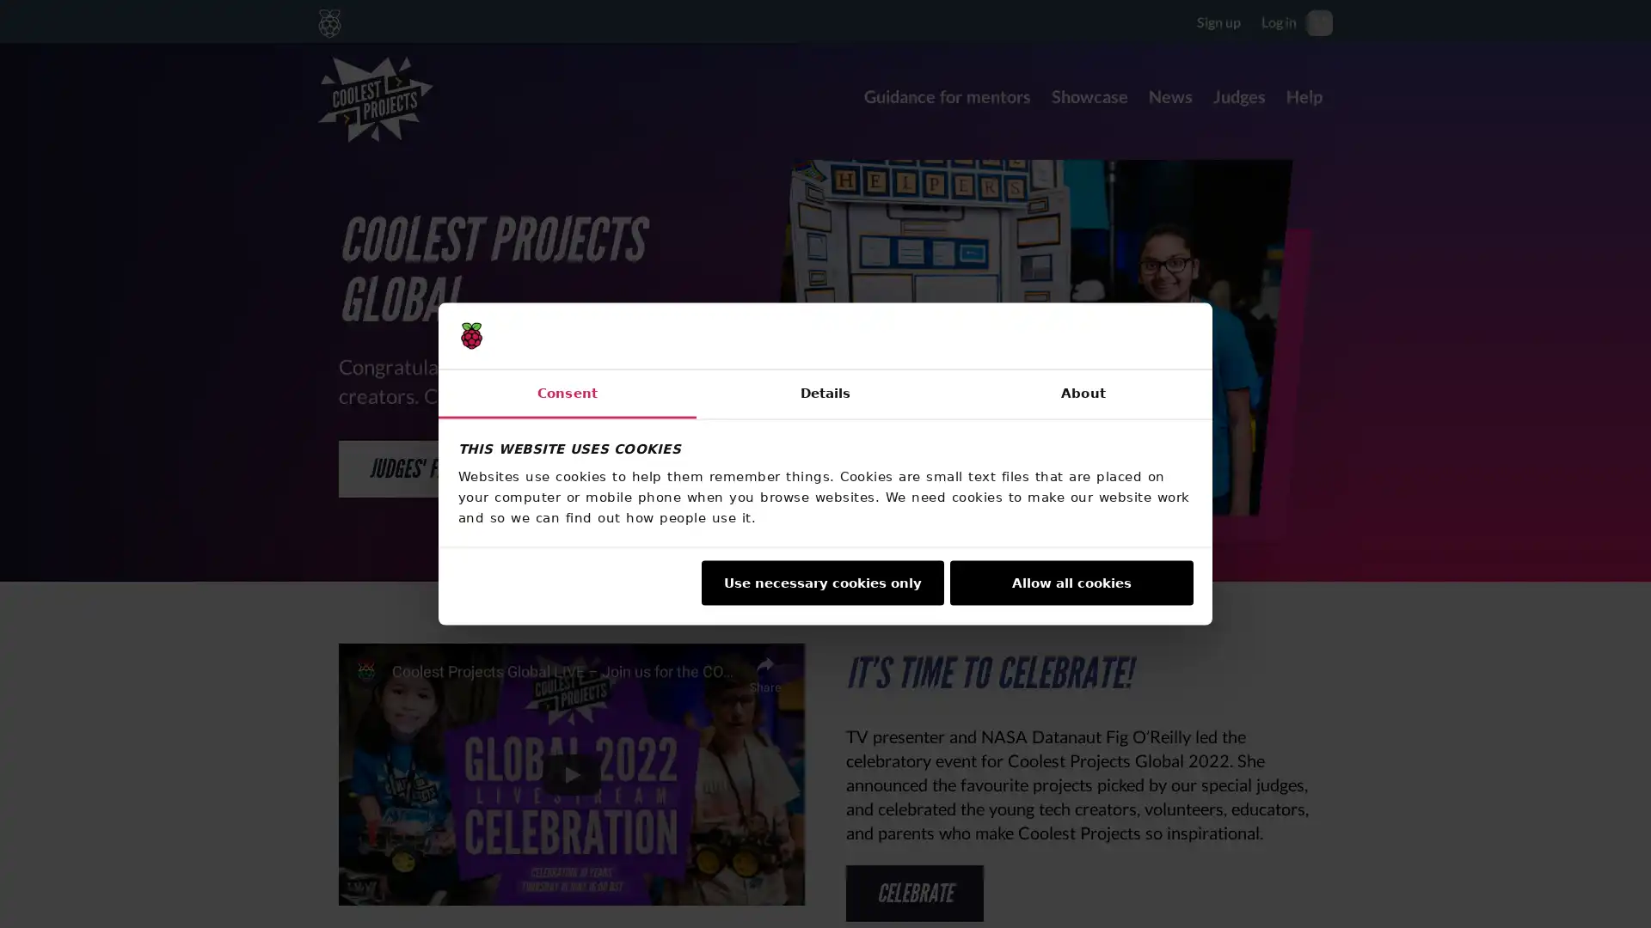 The image size is (1651, 928). What do you see at coordinates (1071, 582) in the screenshot?
I see `Allow all cookies` at bounding box center [1071, 582].